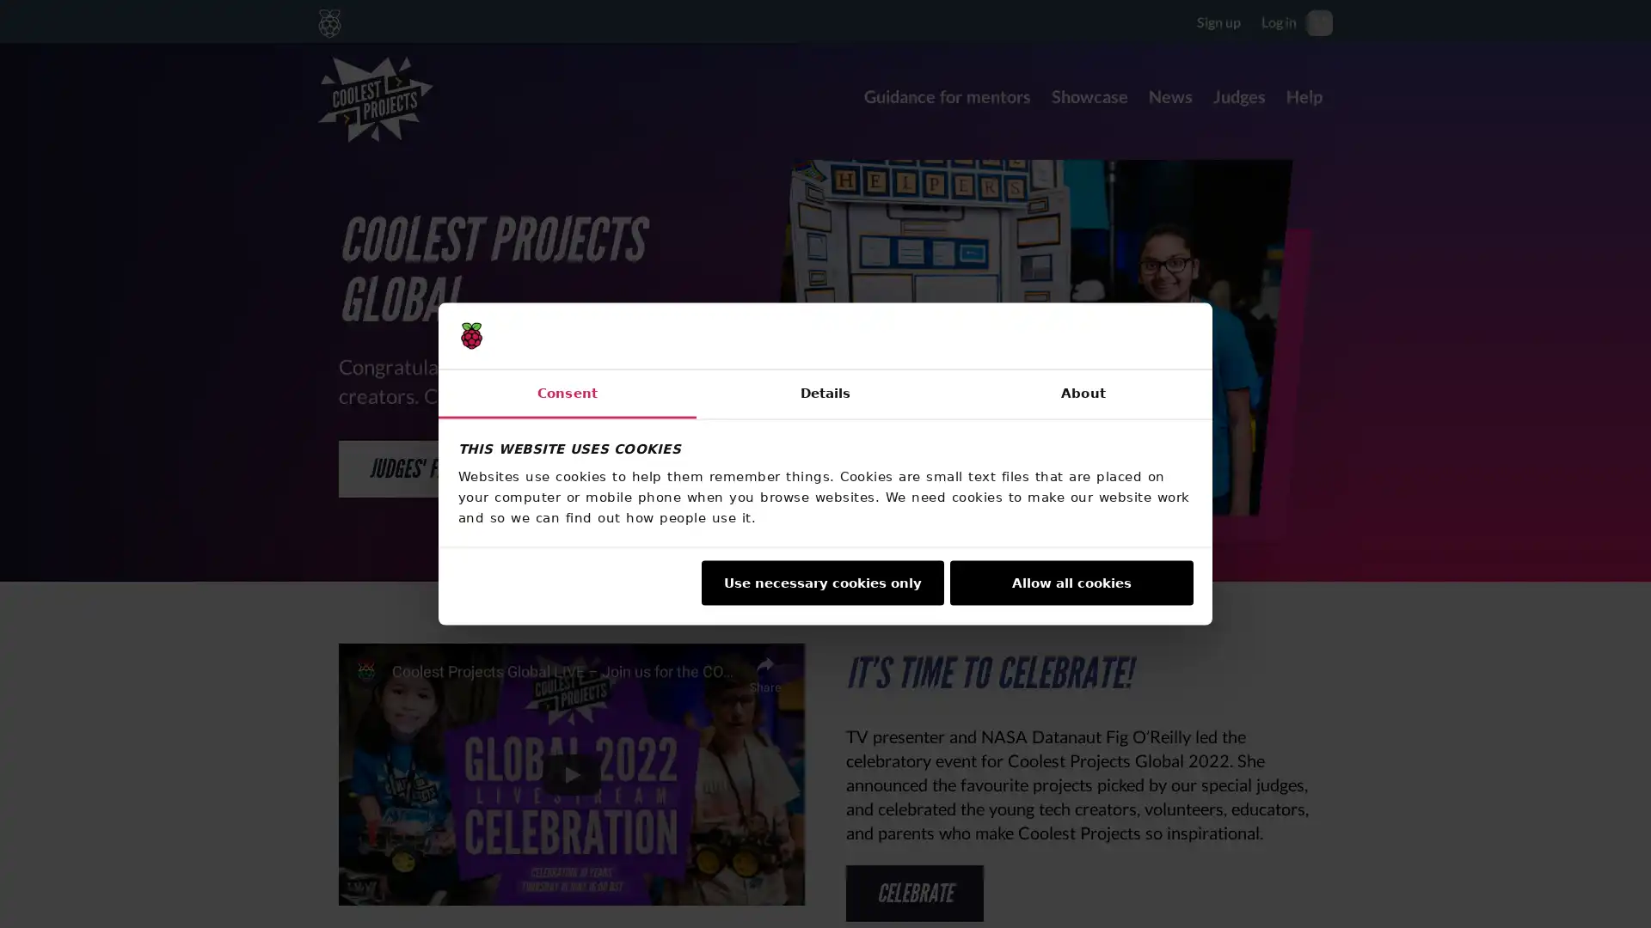 The image size is (1651, 928). What do you see at coordinates (1071, 582) in the screenshot?
I see `Allow all cookies` at bounding box center [1071, 582].